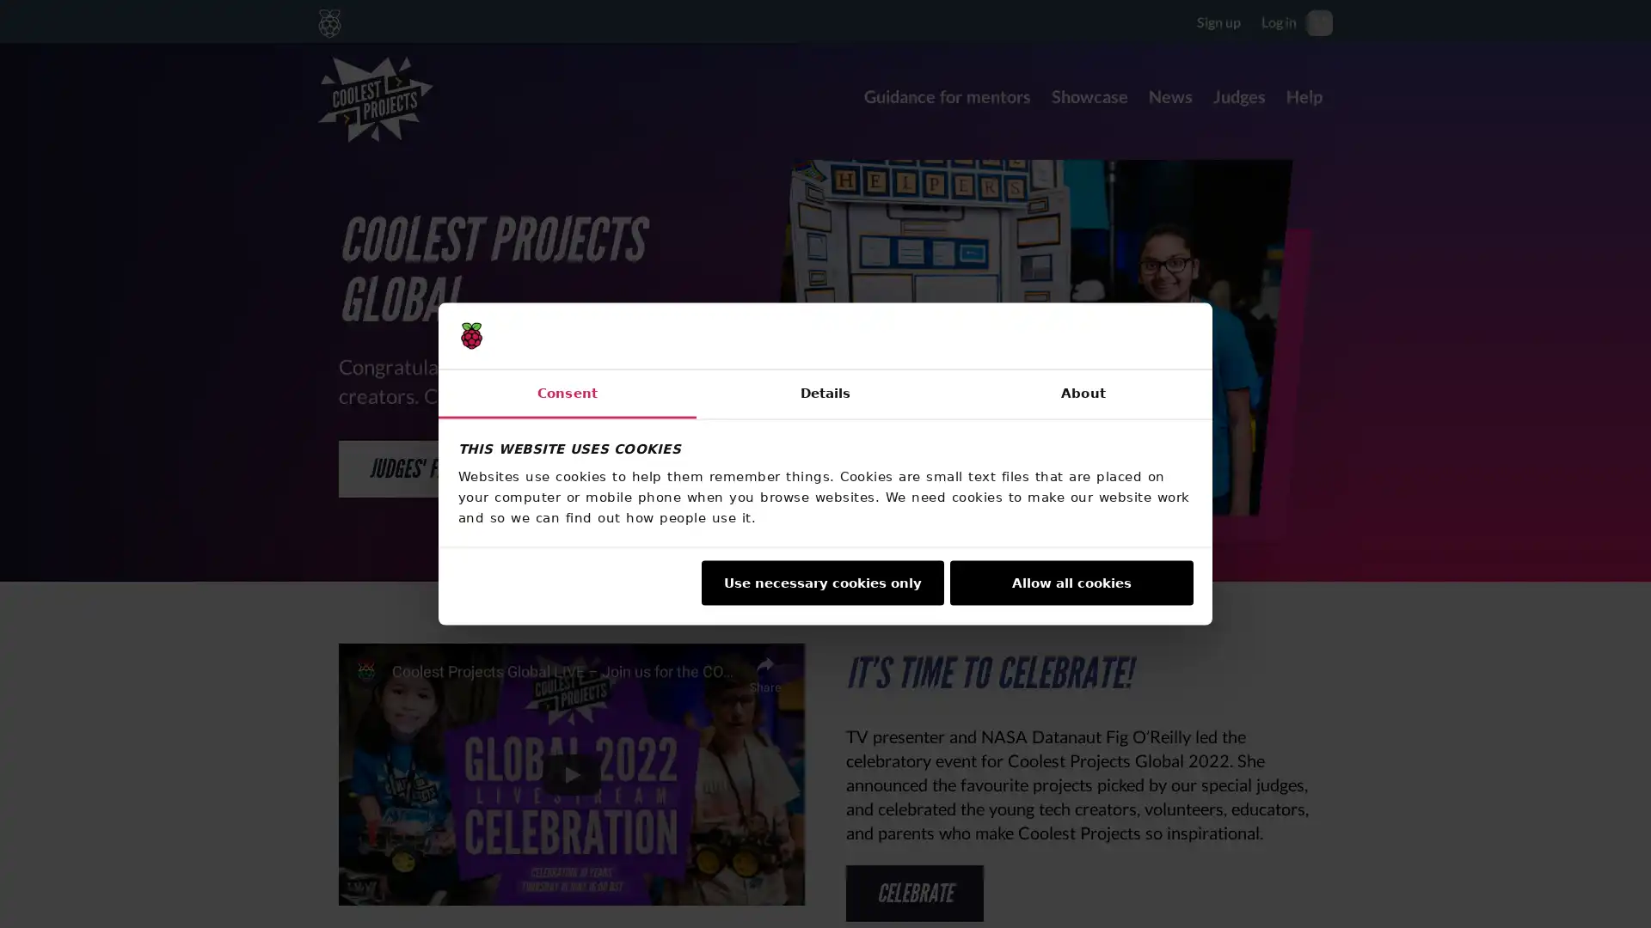 The image size is (1651, 928). What do you see at coordinates (1071, 582) in the screenshot?
I see `Allow all cookies` at bounding box center [1071, 582].